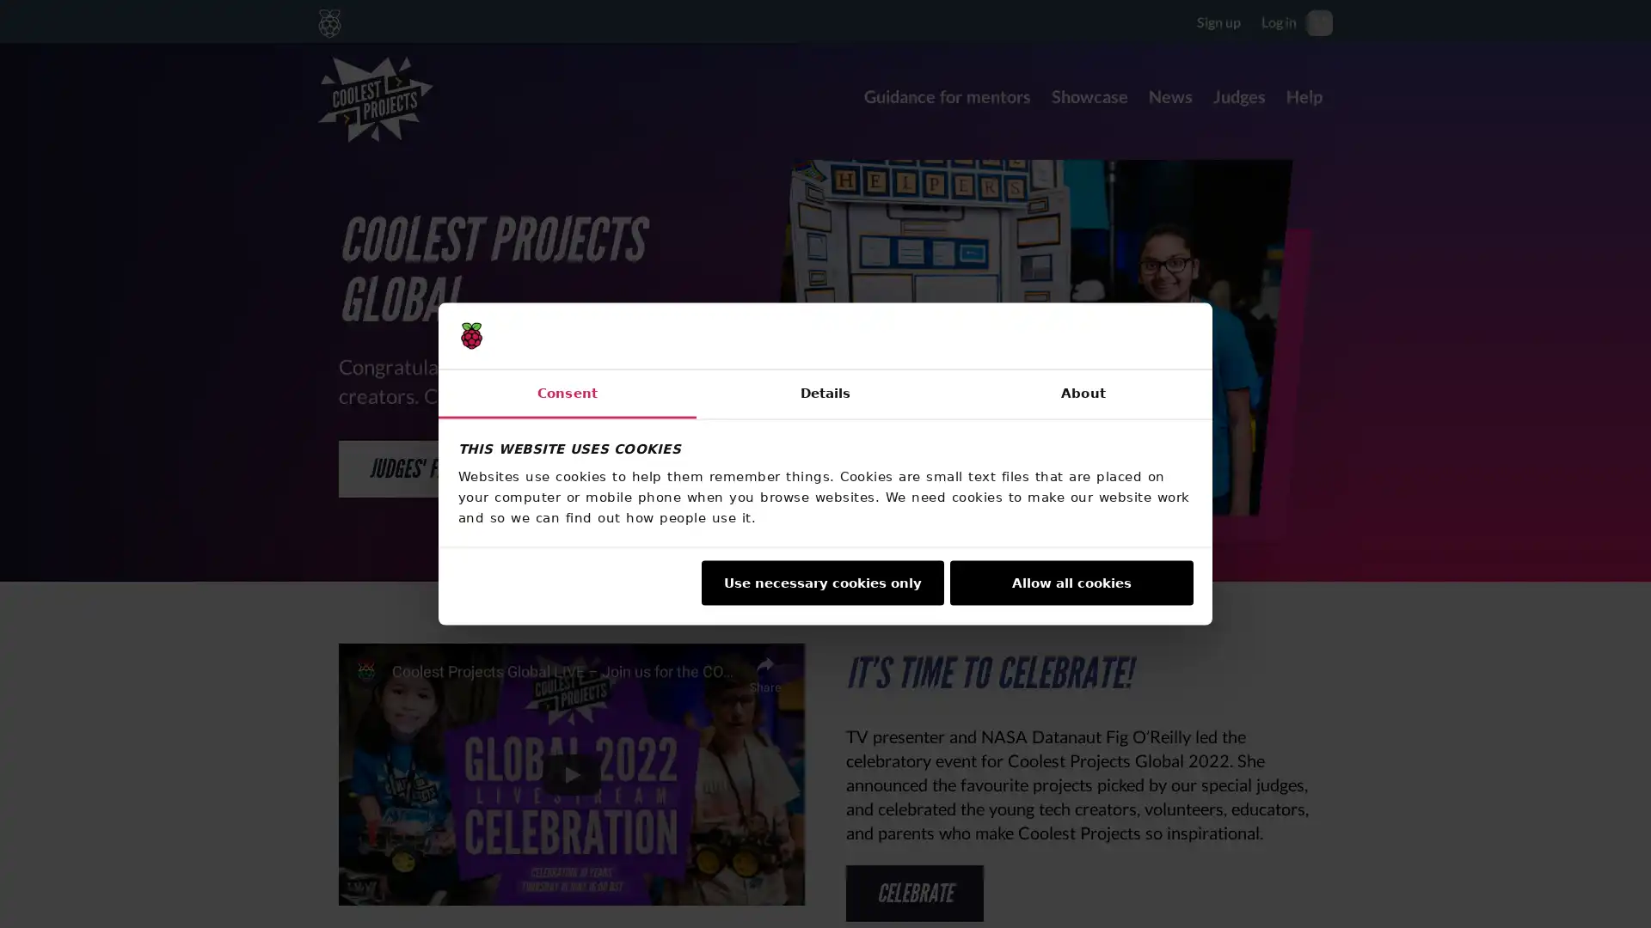 The image size is (1651, 928). What do you see at coordinates (1071, 582) in the screenshot?
I see `Allow all cookies` at bounding box center [1071, 582].